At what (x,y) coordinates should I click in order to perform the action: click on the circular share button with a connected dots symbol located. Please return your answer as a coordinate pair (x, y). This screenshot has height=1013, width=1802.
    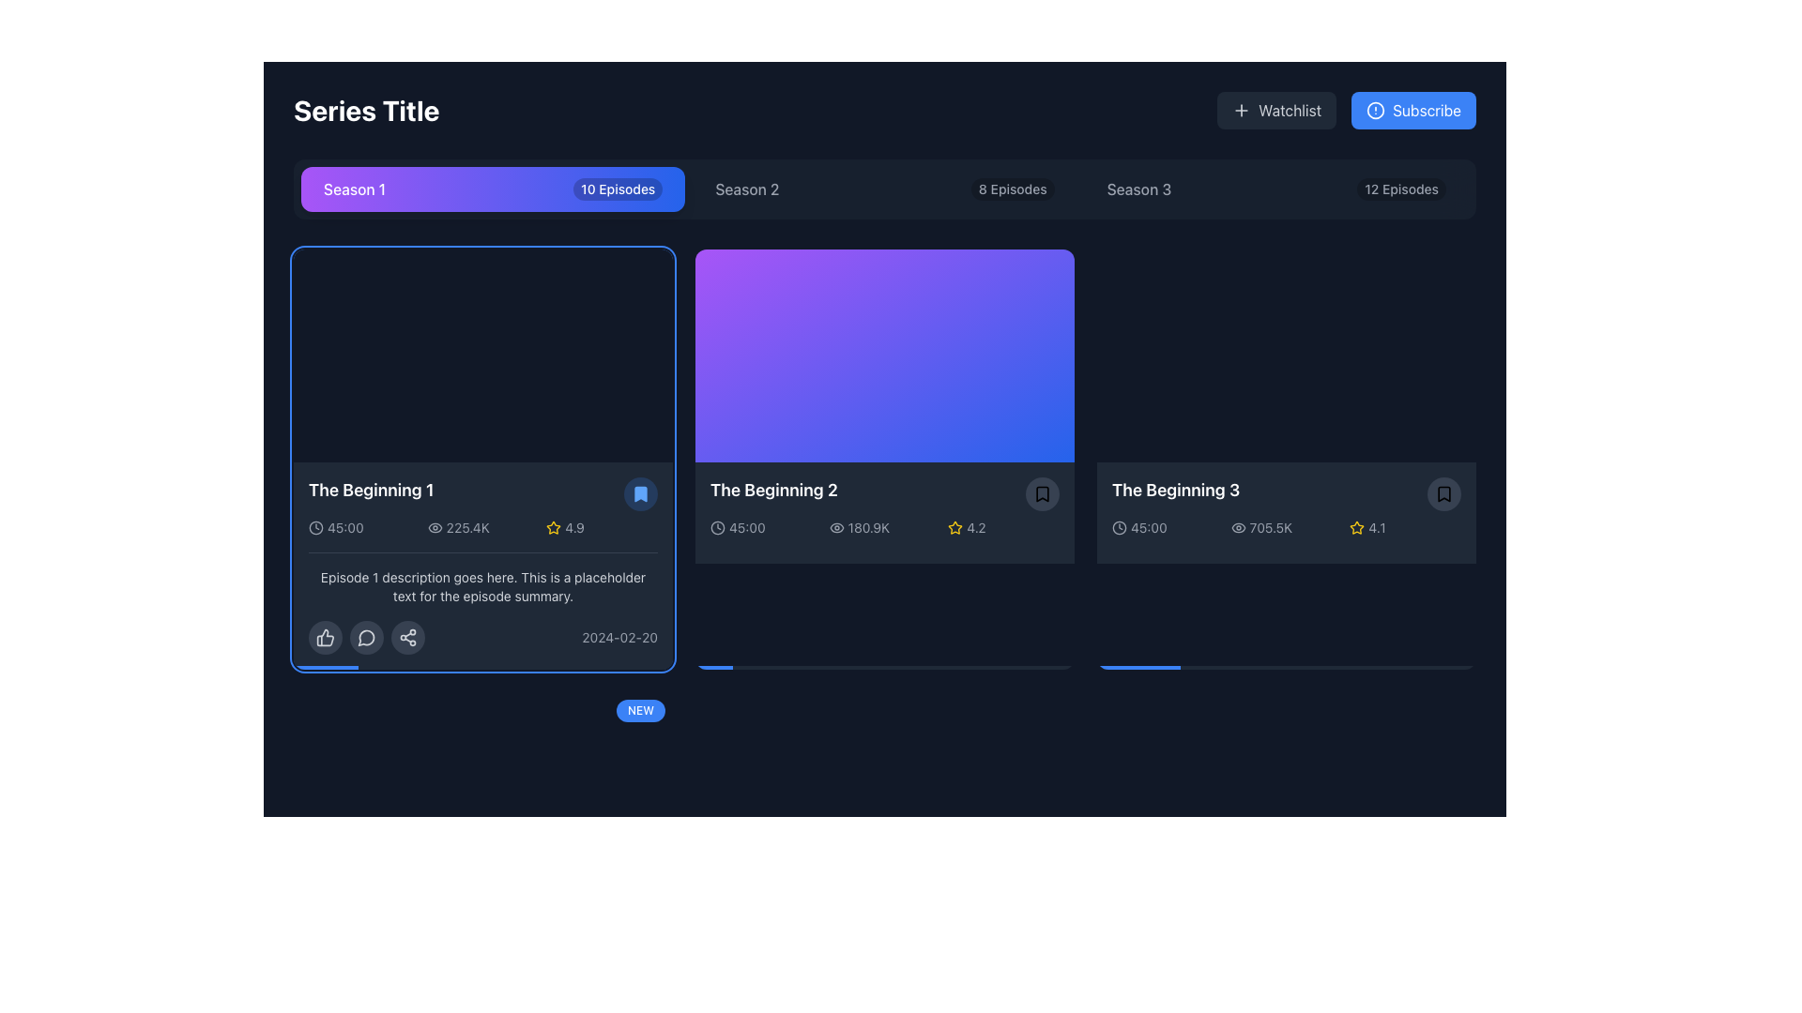
    Looking at the image, I should click on (407, 636).